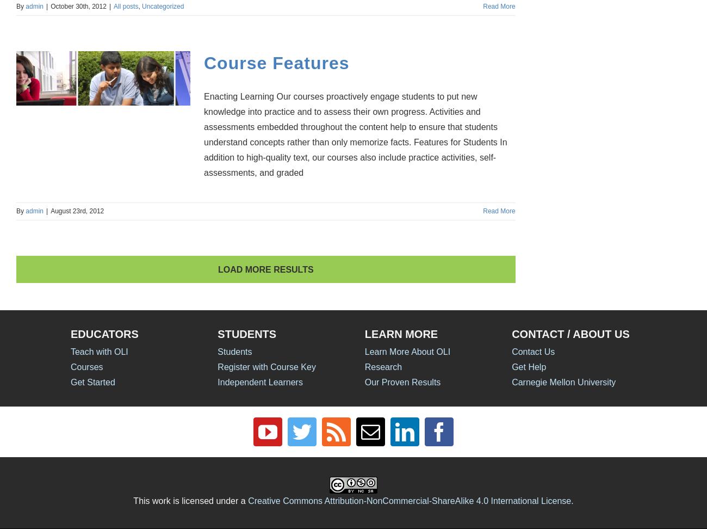  I want to click on 'August 23rd, 2012', so click(50, 210).